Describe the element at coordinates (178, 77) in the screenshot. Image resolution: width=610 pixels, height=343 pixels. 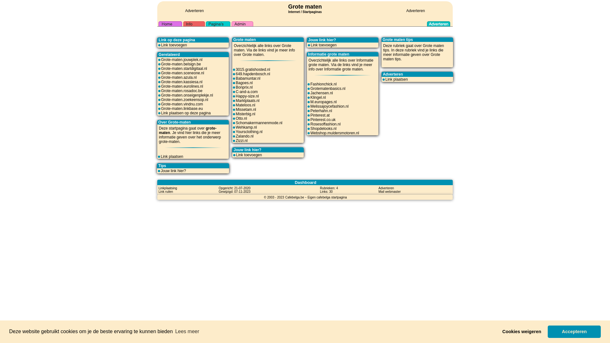
I see `'Grote-maten.azula.nl'` at that location.